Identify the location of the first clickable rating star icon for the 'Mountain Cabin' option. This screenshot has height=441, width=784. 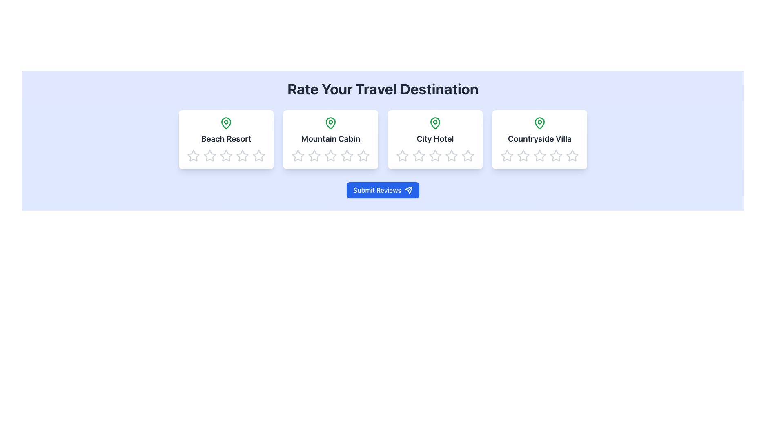
(297, 156).